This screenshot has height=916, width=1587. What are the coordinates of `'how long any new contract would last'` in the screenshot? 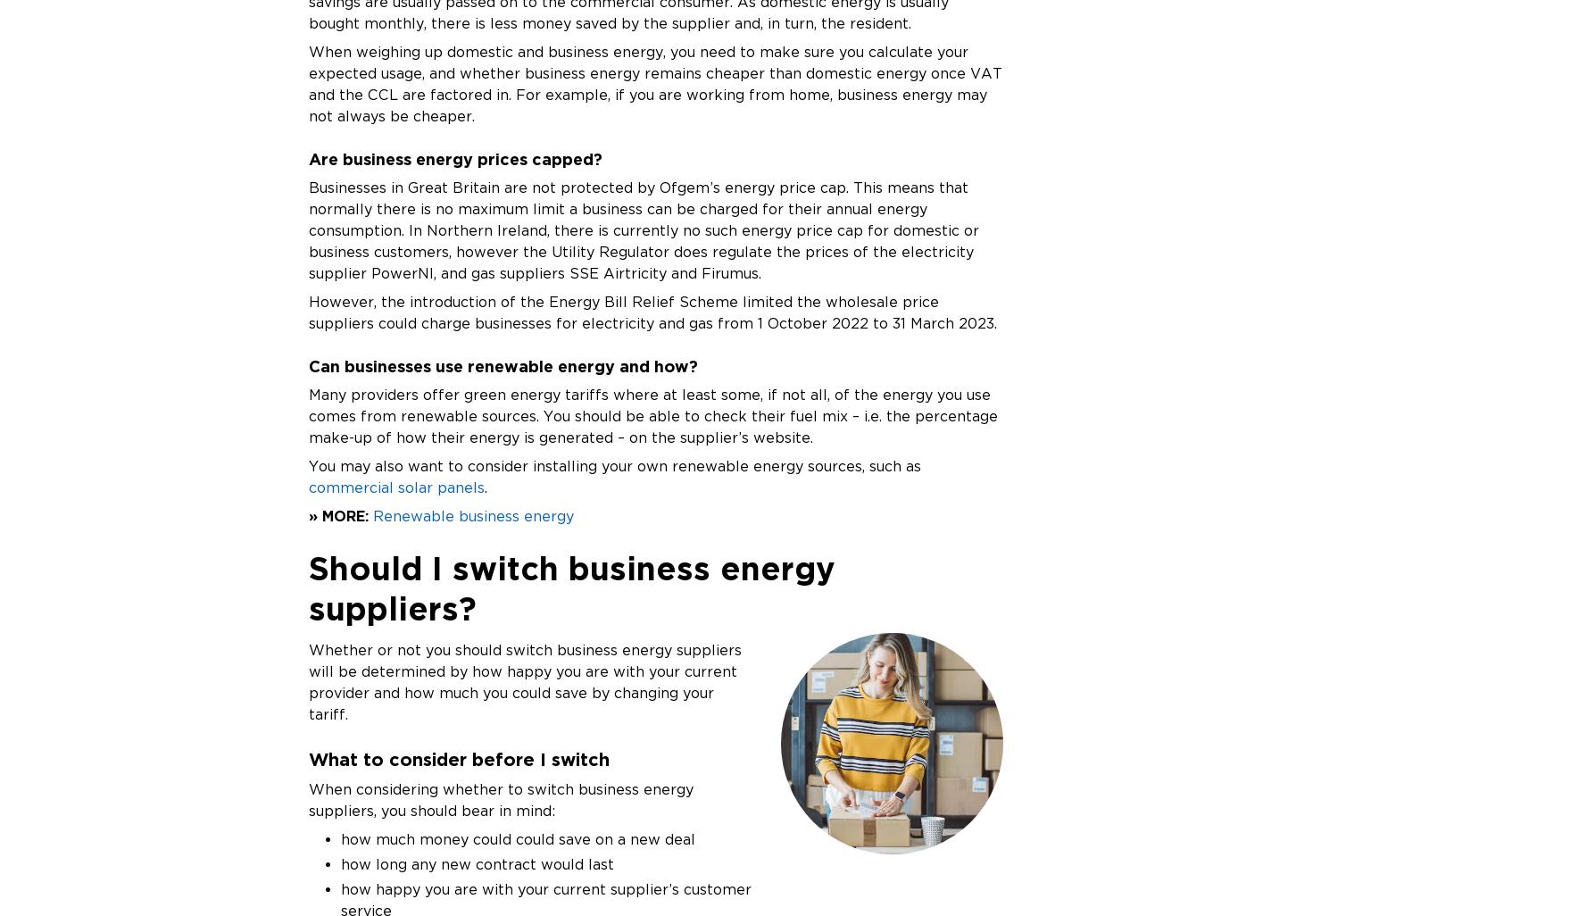 It's located at (478, 863).